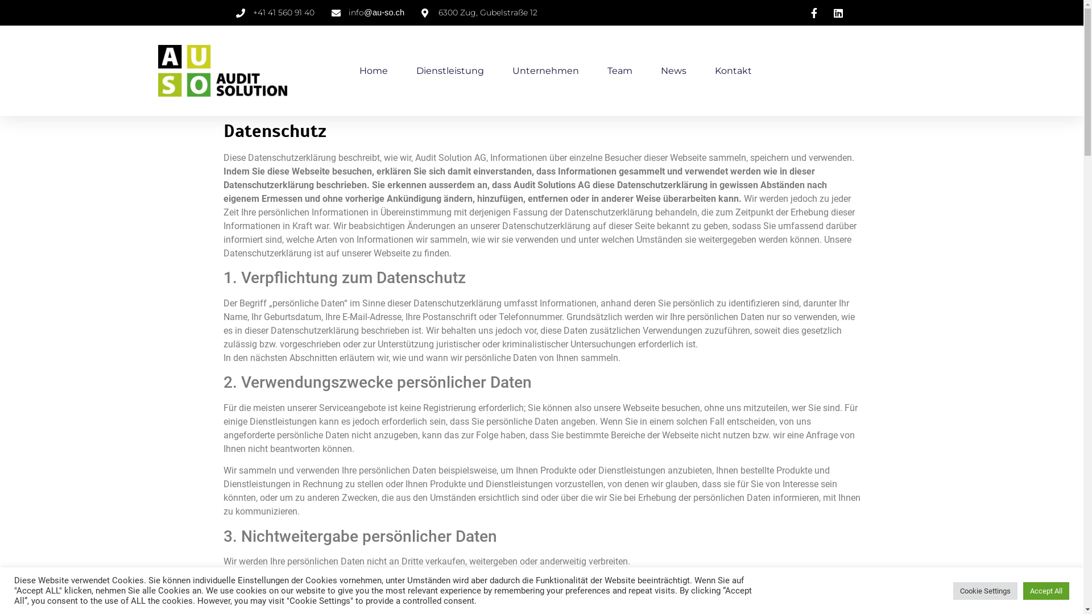  I want to click on 'Team', so click(619, 70).